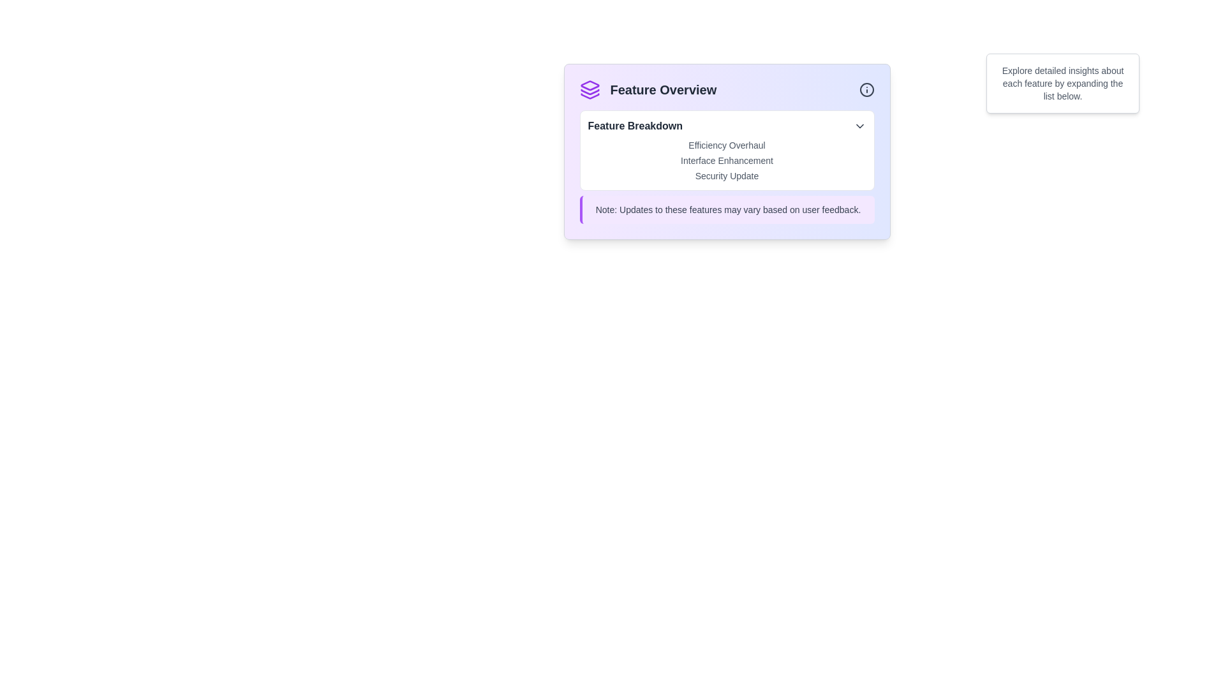 This screenshot has height=689, width=1225. Describe the element at coordinates (727, 159) in the screenshot. I see `the second text label in the 'Feature Breakdown' section, which describes a feature between 'Efficiency Overhaul' and 'Security Update'` at that location.